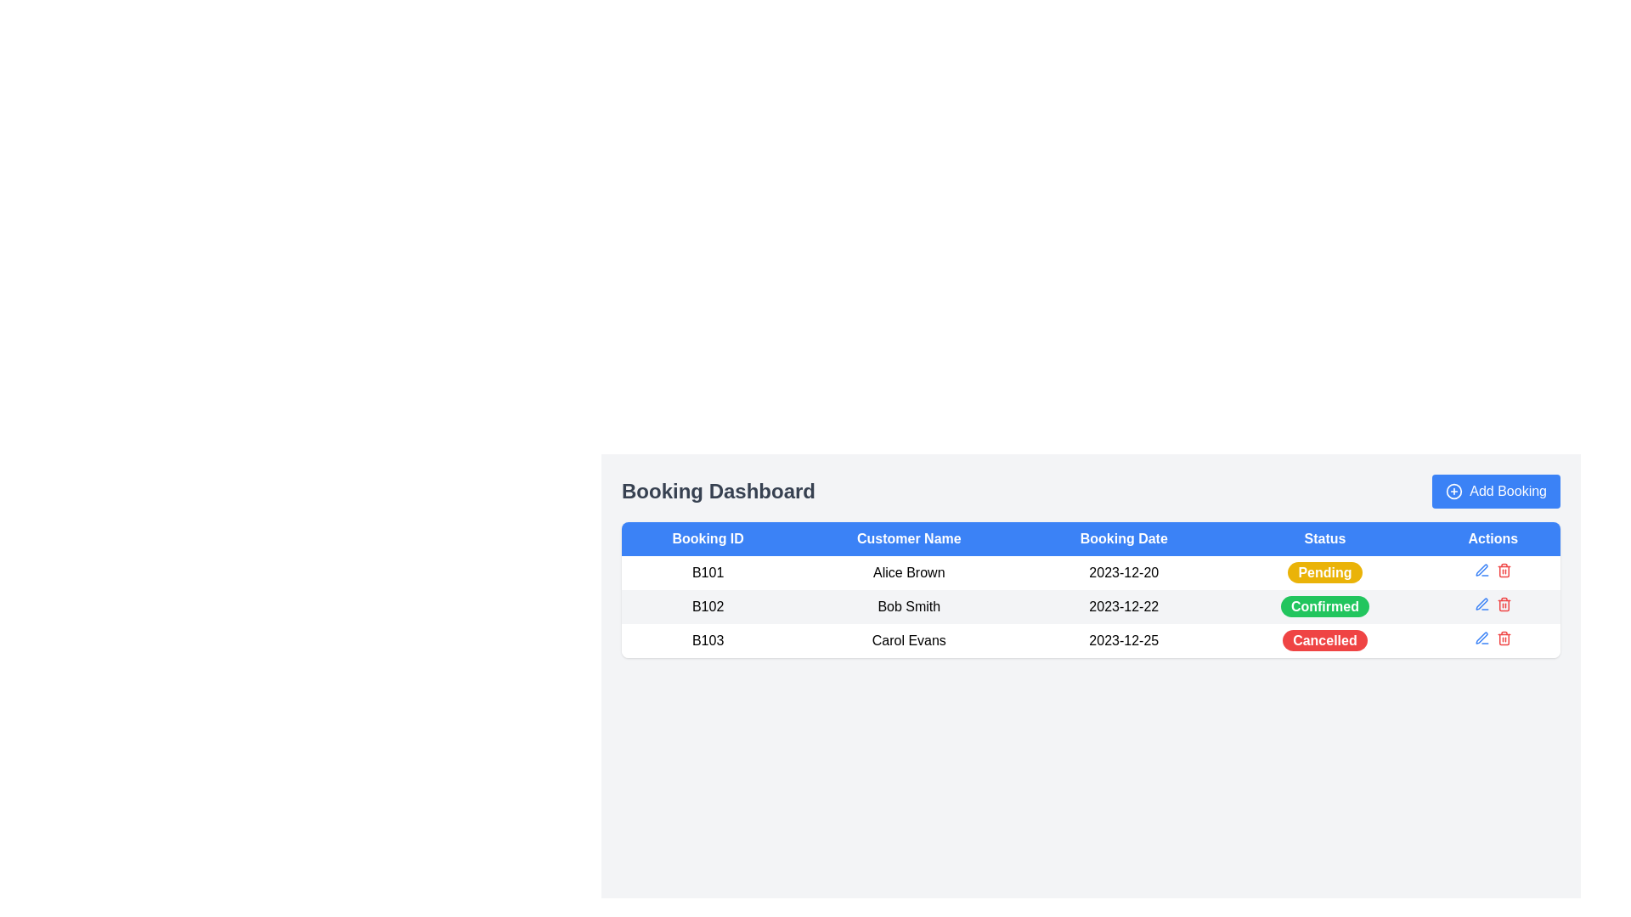  Describe the element at coordinates (1504, 570) in the screenshot. I see `the delete icon button in the 'Actions' column for the row with 'Pending' status to observe style changes` at that location.